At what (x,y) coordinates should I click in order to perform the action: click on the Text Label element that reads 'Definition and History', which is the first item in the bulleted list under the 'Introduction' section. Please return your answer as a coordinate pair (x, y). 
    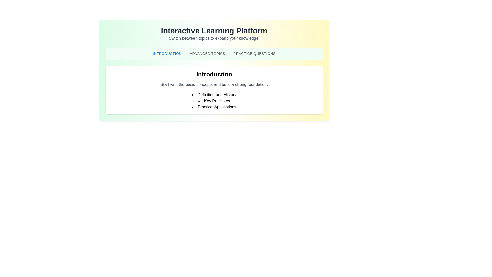
    Looking at the image, I should click on (214, 95).